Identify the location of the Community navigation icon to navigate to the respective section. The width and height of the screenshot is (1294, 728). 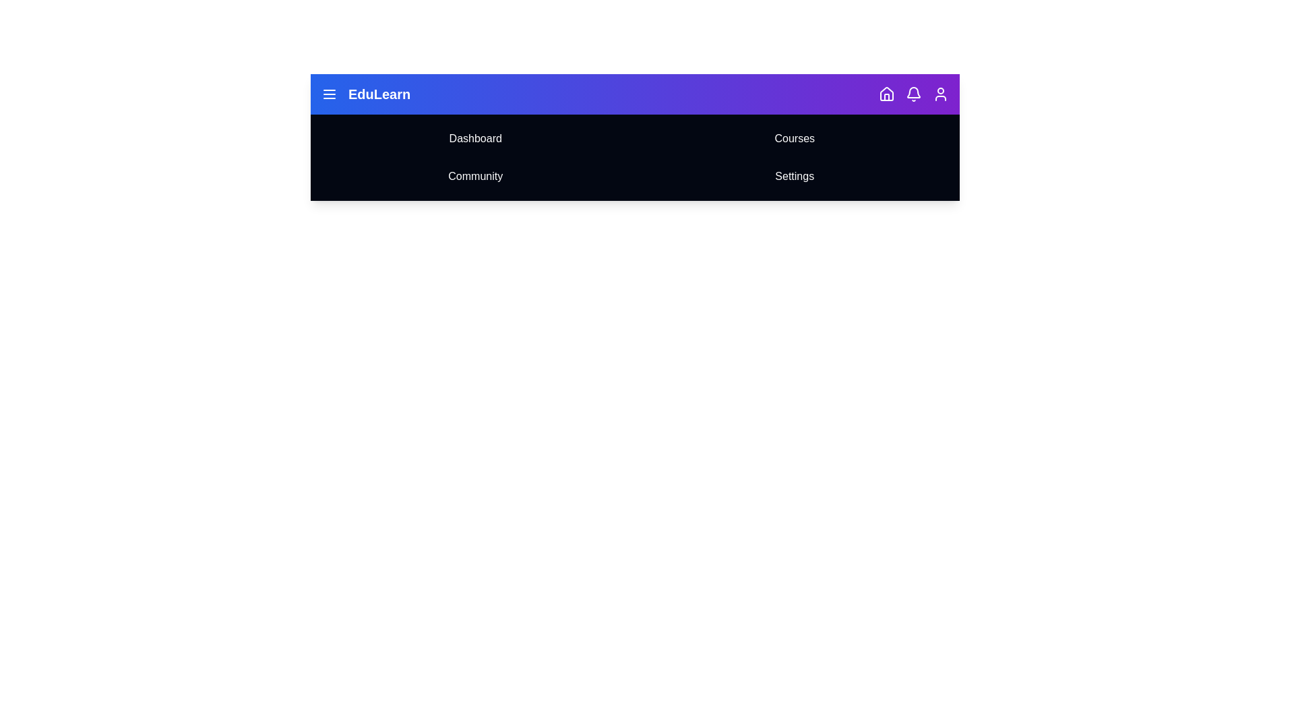
(475, 176).